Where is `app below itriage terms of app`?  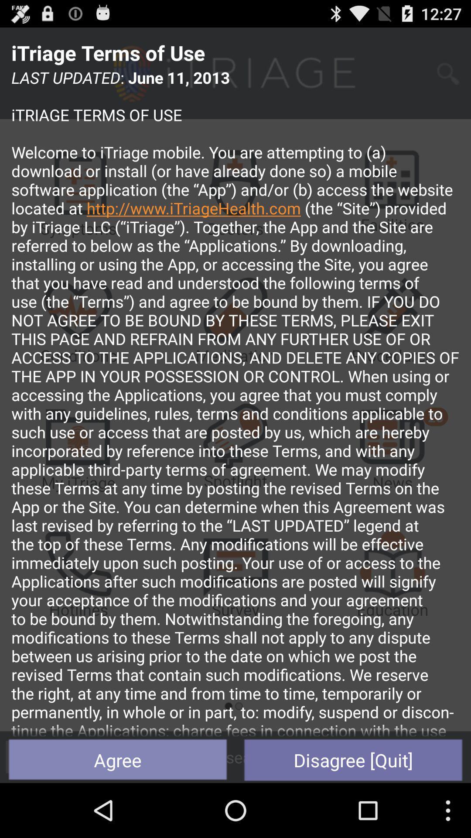
app below itriage terms of app is located at coordinates (235, 402).